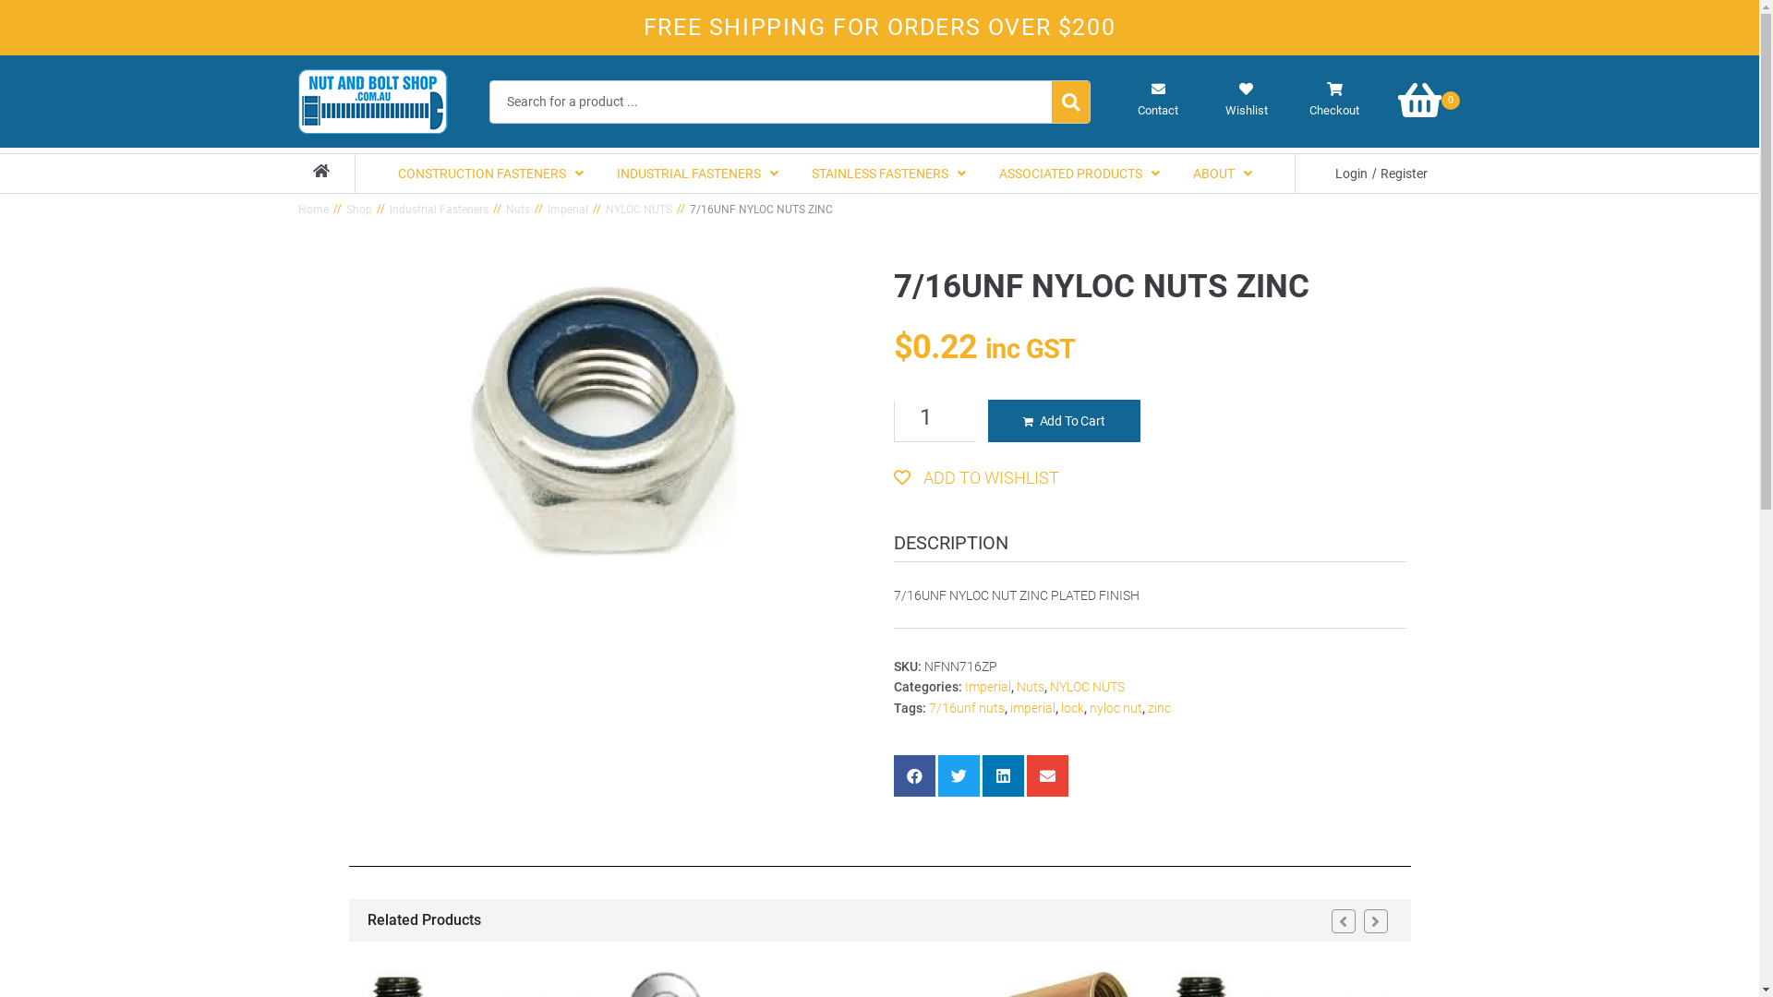 This screenshot has width=1773, height=997. What do you see at coordinates (696, 174) in the screenshot?
I see `'INDUSTRIAL FASTENERS'` at bounding box center [696, 174].